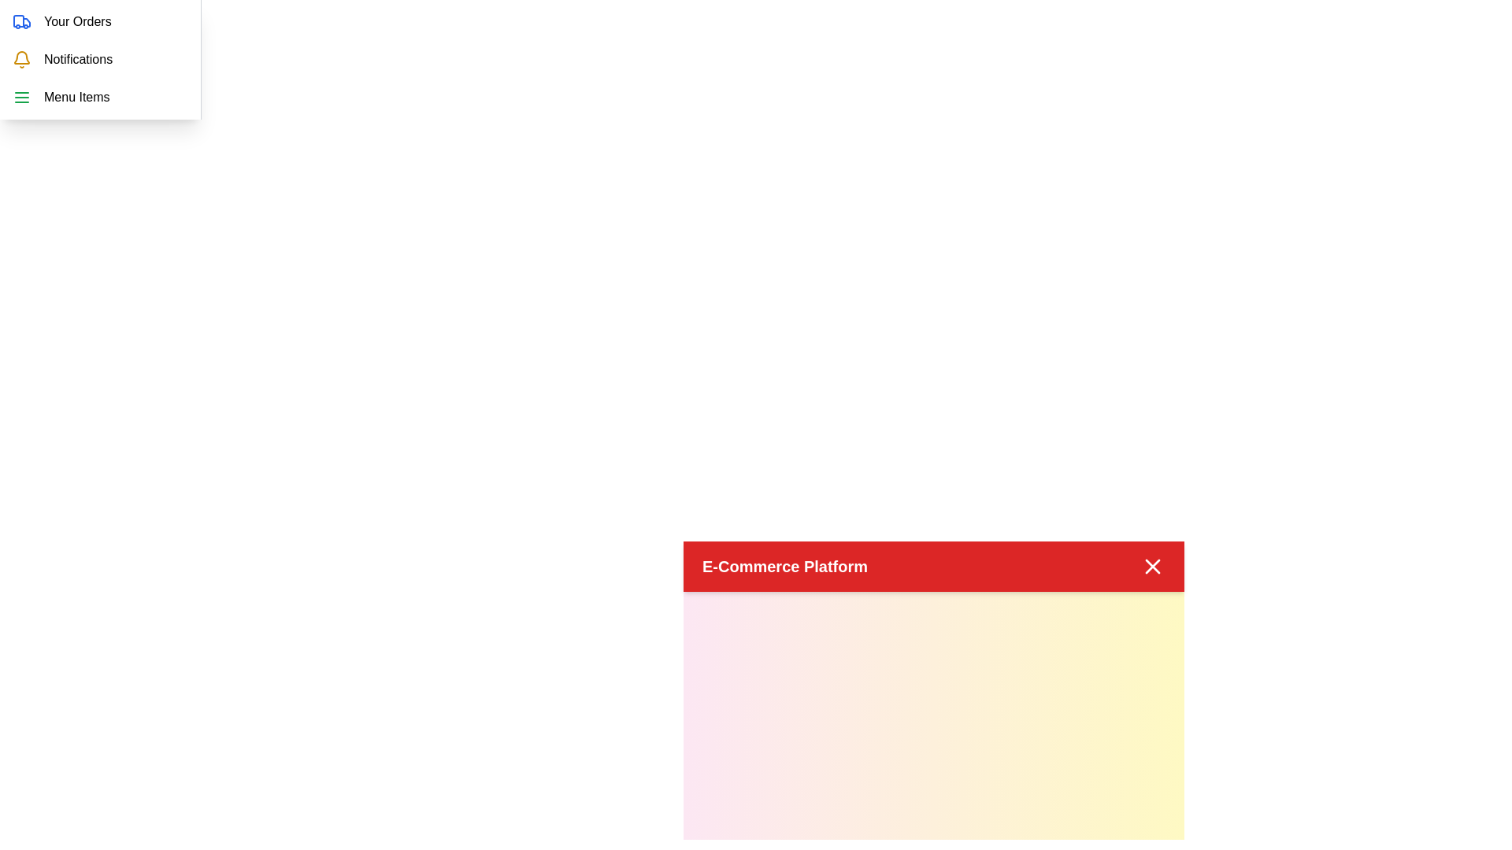 The width and height of the screenshot is (1512, 850). I want to click on the 'Menu Items' text label, which is the third item in the vertical menu structure and is visually distinct due to its adjacent icon of three horizontal lines, so click(76, 97).